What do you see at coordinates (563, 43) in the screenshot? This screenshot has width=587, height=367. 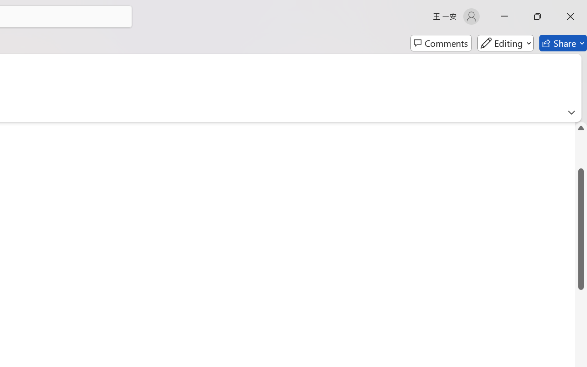 I see `'Share'` at bounding box center [563, 43].